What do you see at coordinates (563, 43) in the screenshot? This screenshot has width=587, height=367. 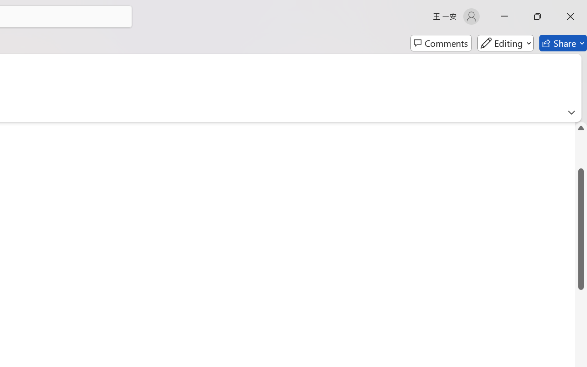 I see `'Share'` at bounding box center [563, 43].